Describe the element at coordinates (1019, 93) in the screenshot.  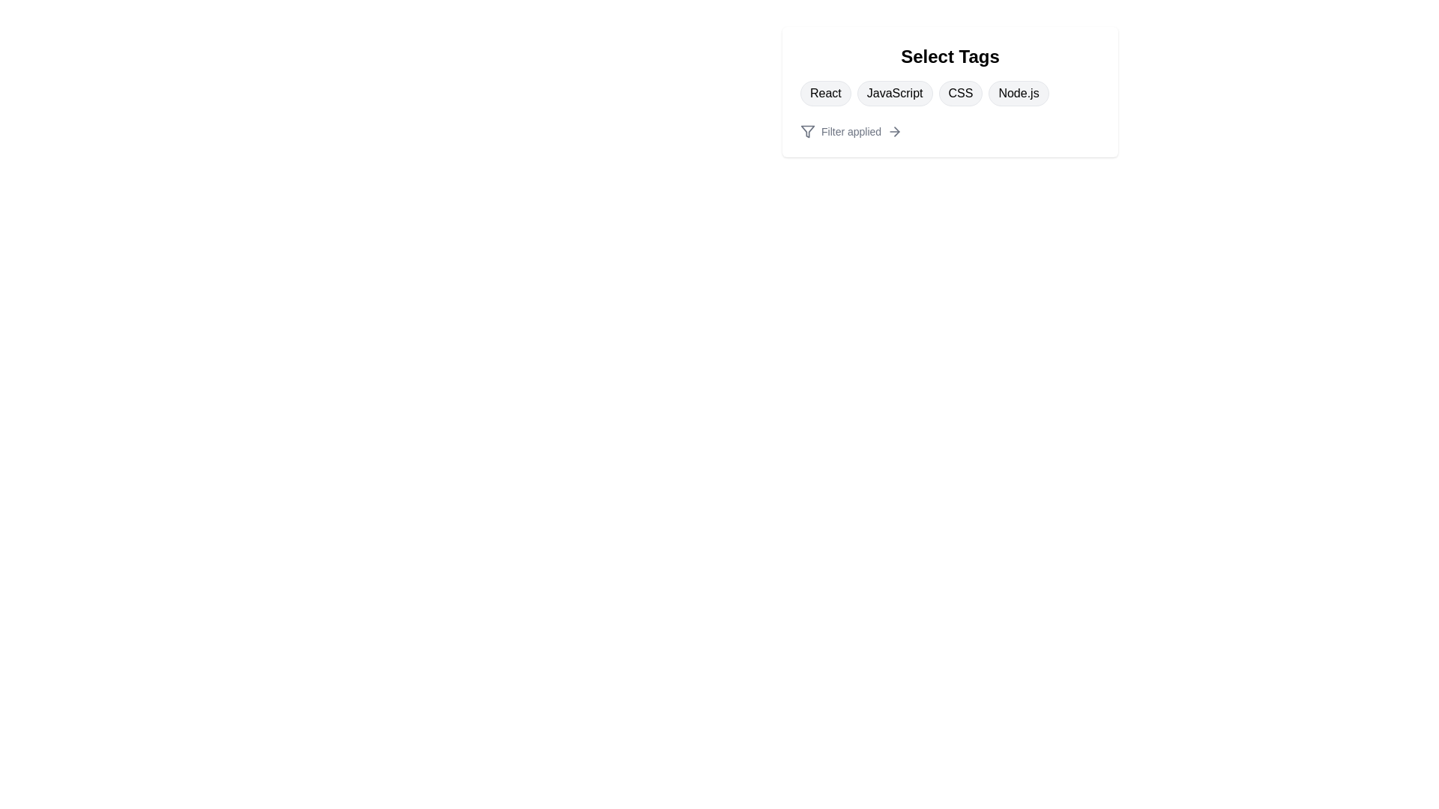
I see `the filter button for the 'Node.js' tag, which is the fourth button in the tag selection sequence under the 'Select Tags' heading` at that location.